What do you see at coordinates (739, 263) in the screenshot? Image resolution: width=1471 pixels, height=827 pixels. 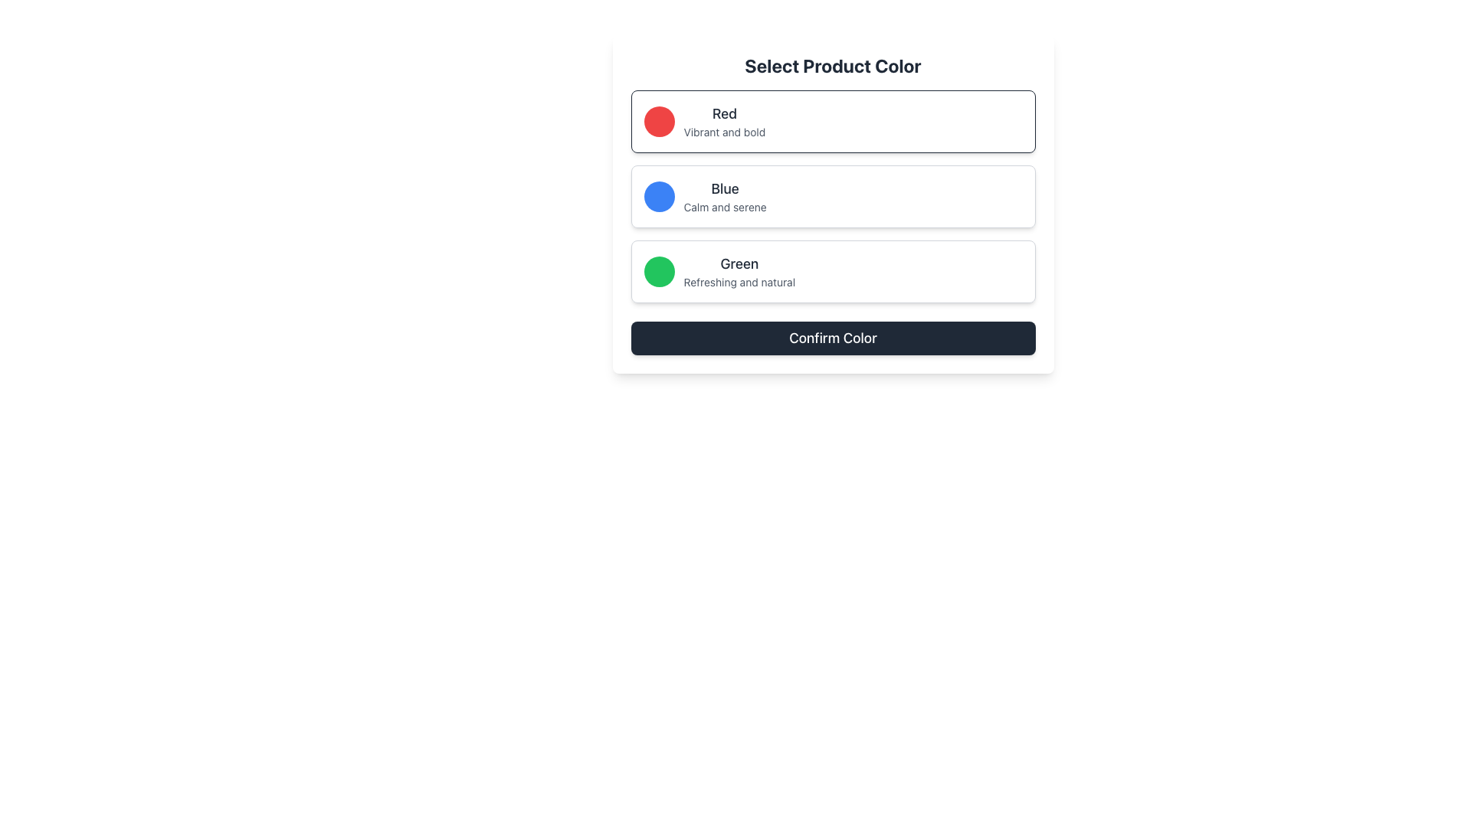 I see `the Text Label indicating the 'Green' color selection option, which is centrally positioned within the green selection box, following the 'Red' and 'Blue' options` at bounding box center [739, 263].